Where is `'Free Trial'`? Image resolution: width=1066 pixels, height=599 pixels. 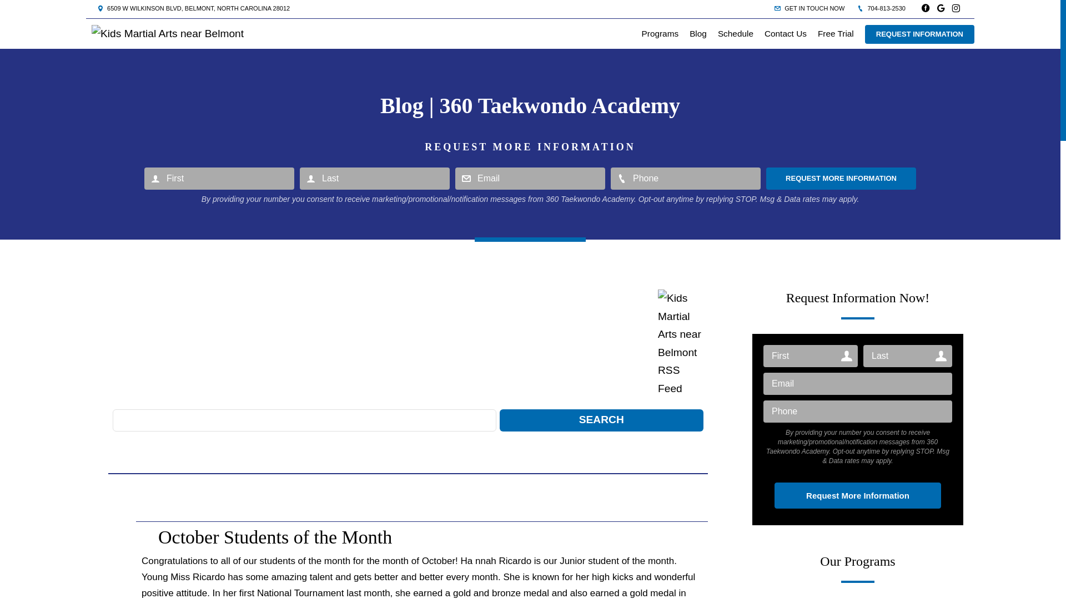 'Free Trial' is located at coordinates (836, 33).